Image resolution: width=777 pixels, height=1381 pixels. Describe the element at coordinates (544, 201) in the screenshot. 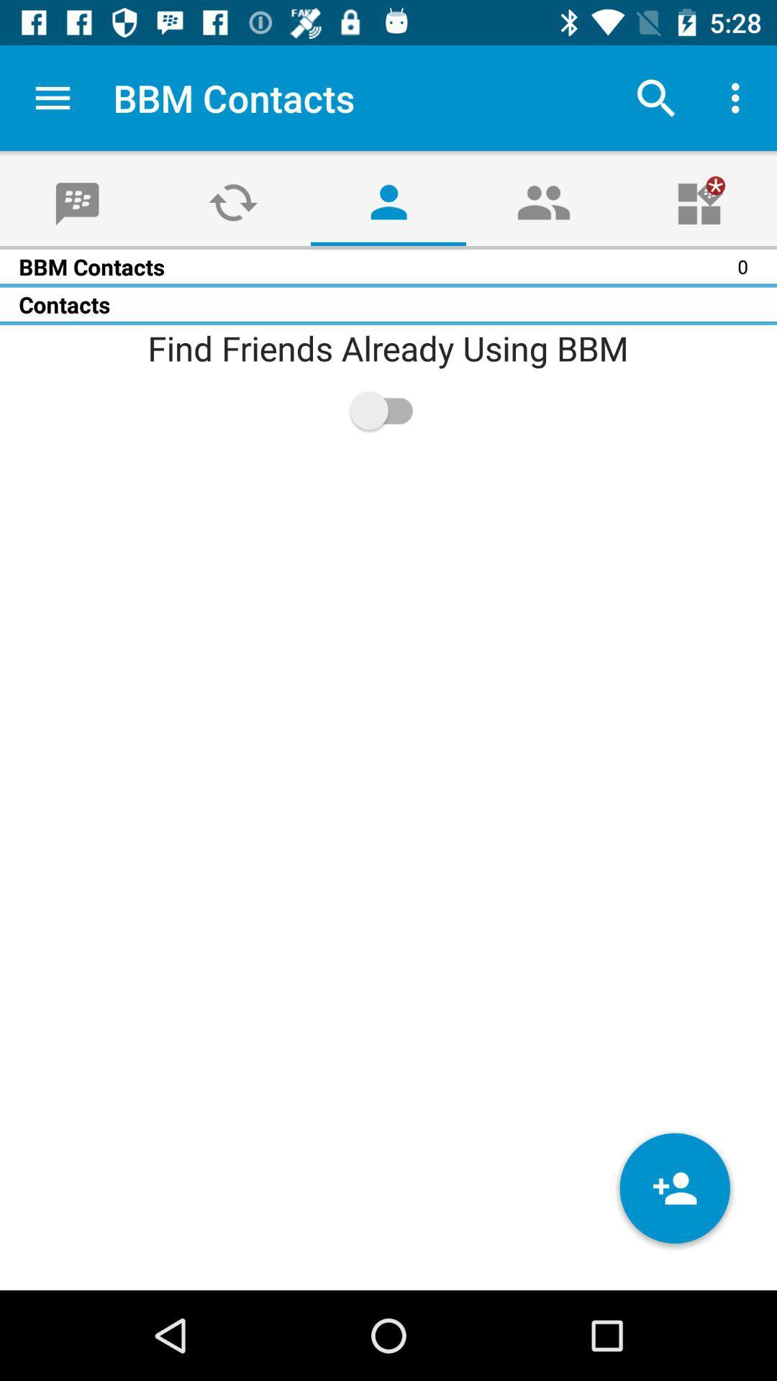

I see `the group icon` at that location.